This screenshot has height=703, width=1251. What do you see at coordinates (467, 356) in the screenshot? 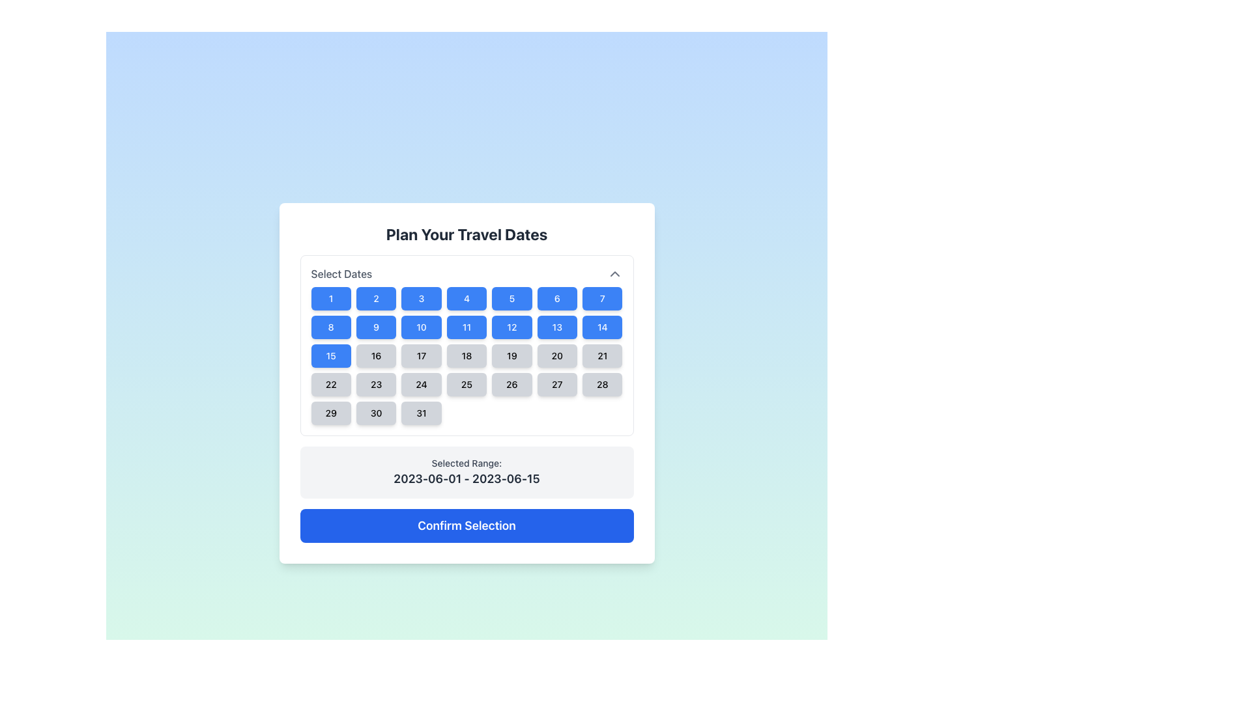
I see `the compact rectangular button with rounded corners and the number '18' in bold, located in the middle row of the calendar layout, fourth column from the left` at bounding box center [467, 356].